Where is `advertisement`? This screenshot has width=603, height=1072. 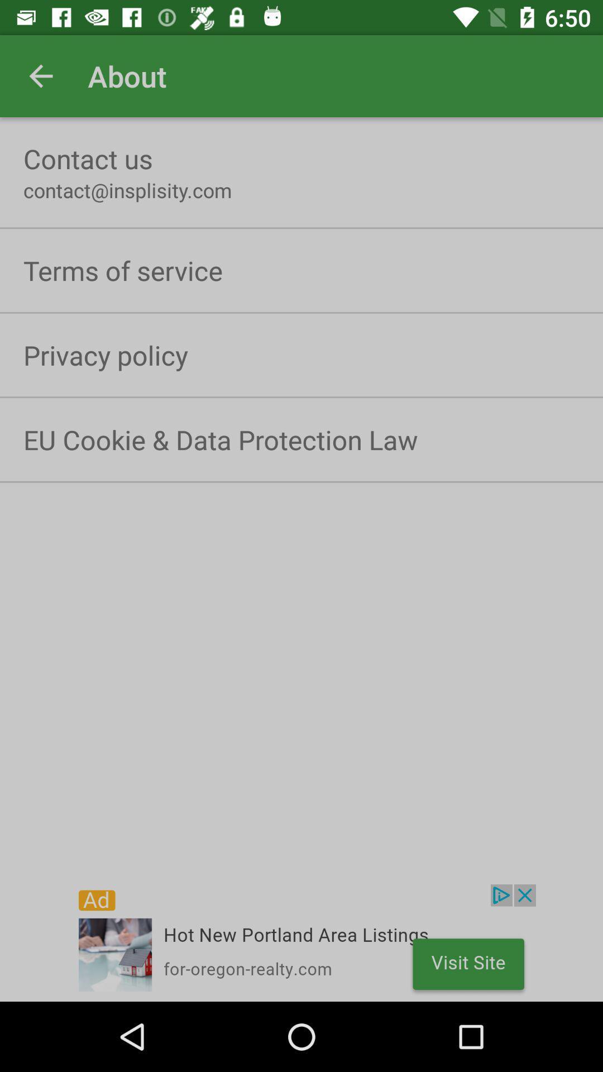 advertisement is located at coordinates (301, 942).